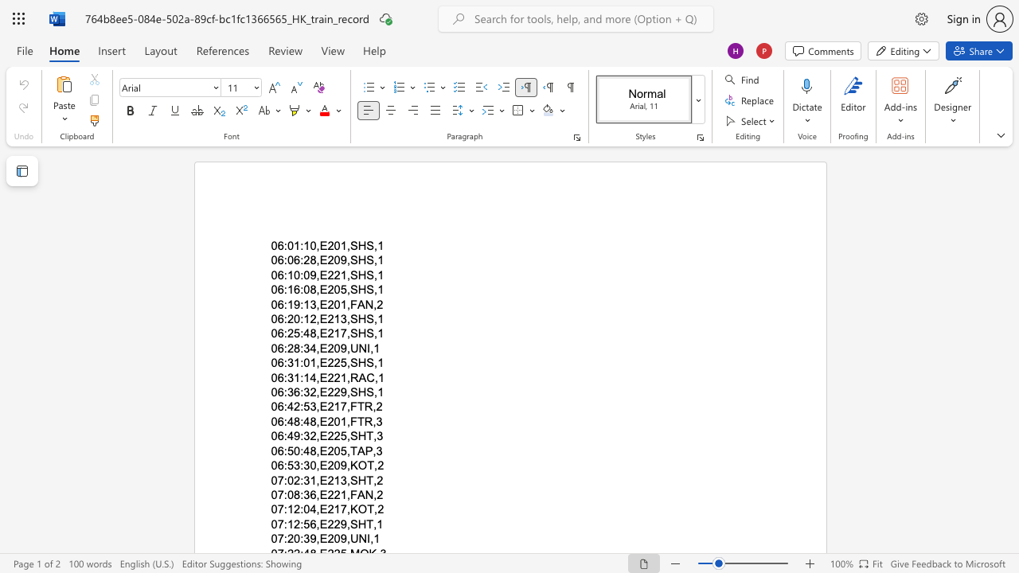  Describe the element at coordinates (357, 524) in the screenshot. I see `the subset text "HT" within the text "07:12:56,E229,SHT,1"` at that location.